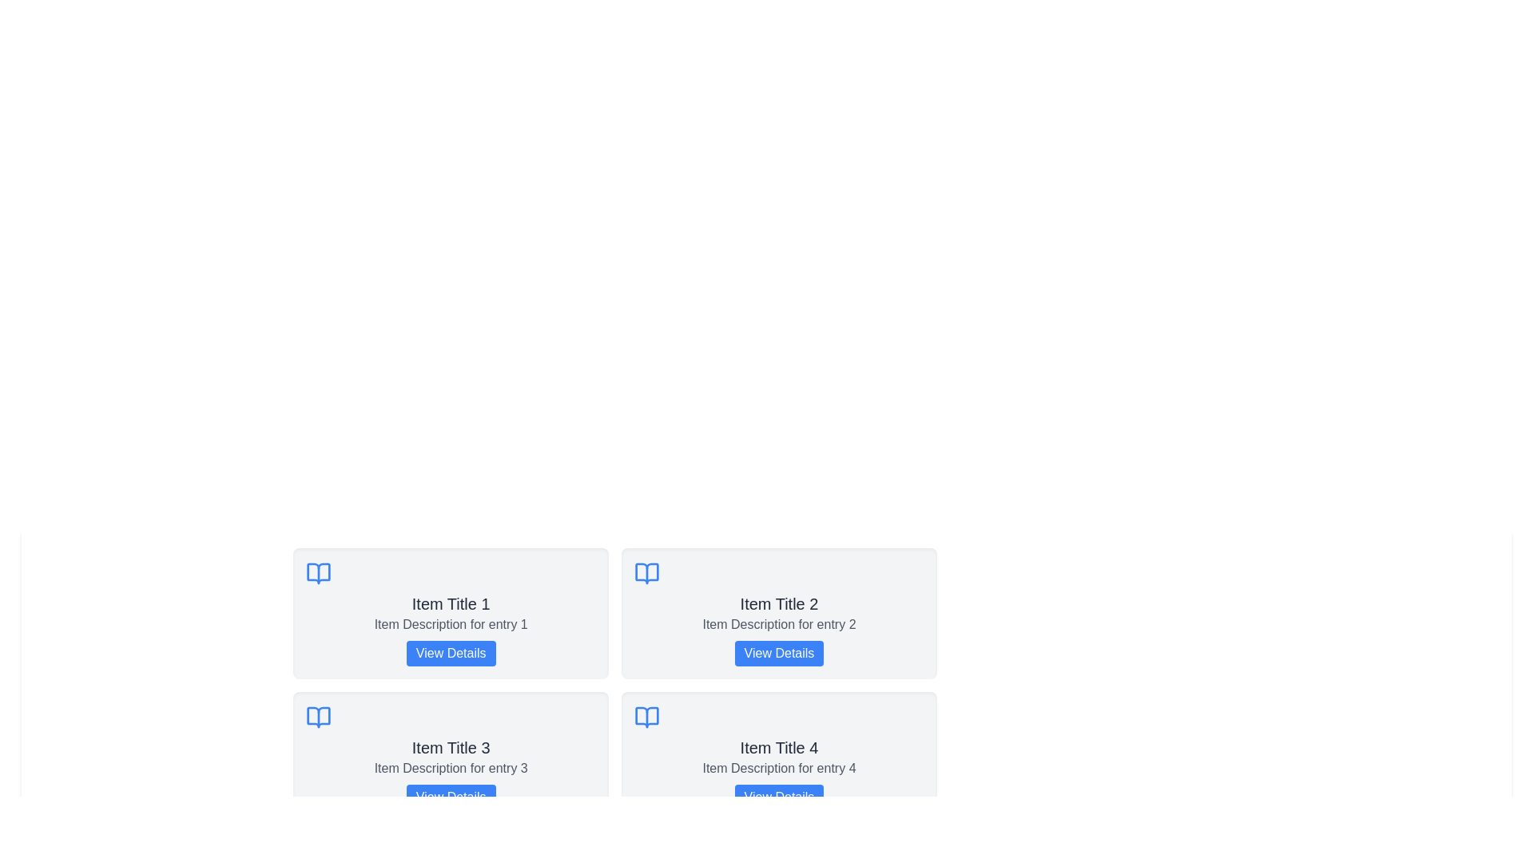 The height and width of the screenshot is (863, 1534). I want to click on the text block containing 'Item Description for entry 4', styled in gray, located below 'Item Title 4' and above the 'View Details' button within the card layout for entry 4, so click(779, 767).